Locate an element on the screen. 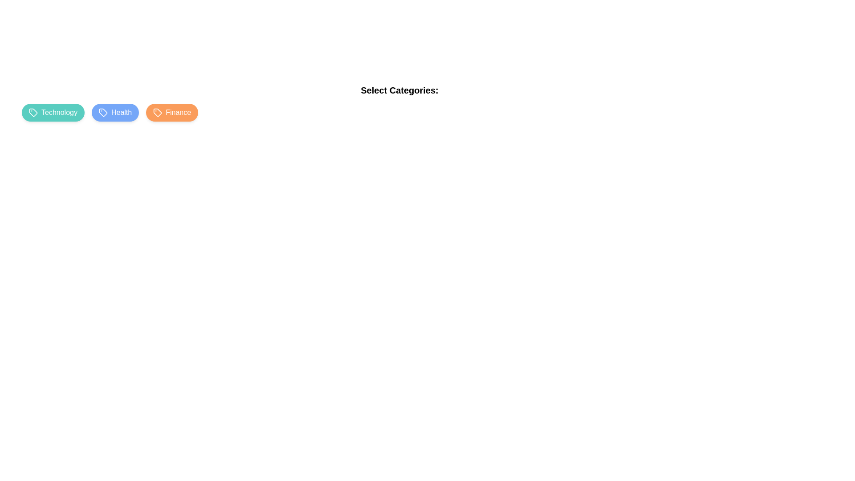  the category chip labeled Health is located at coordinates (115, 112).